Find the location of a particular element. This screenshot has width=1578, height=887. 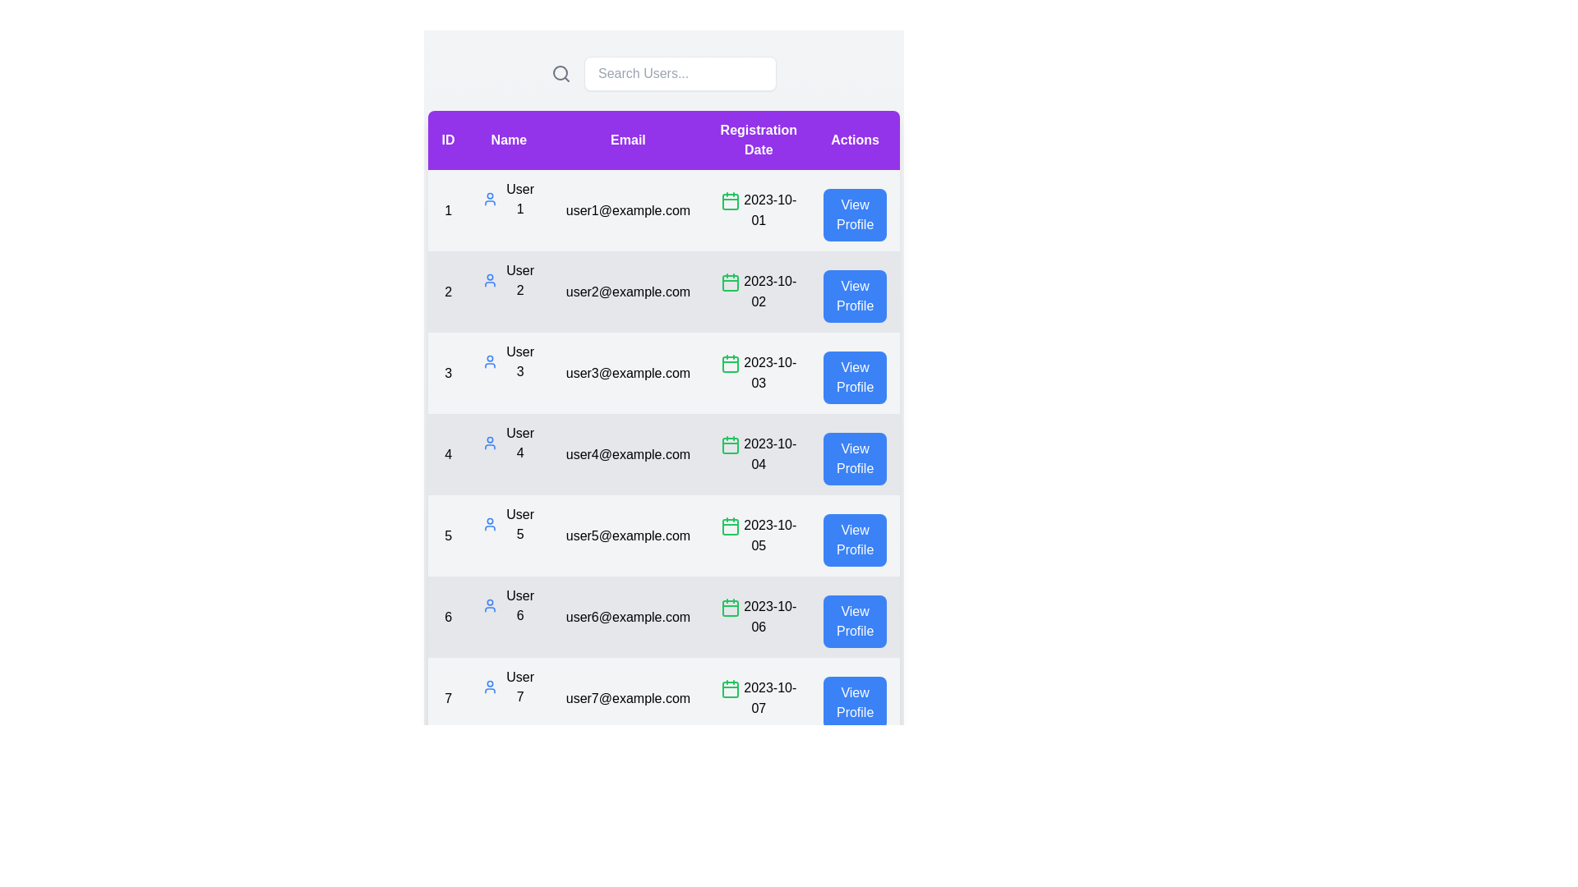

the user profile icon for user 4 is located at coordinates (489, 443).